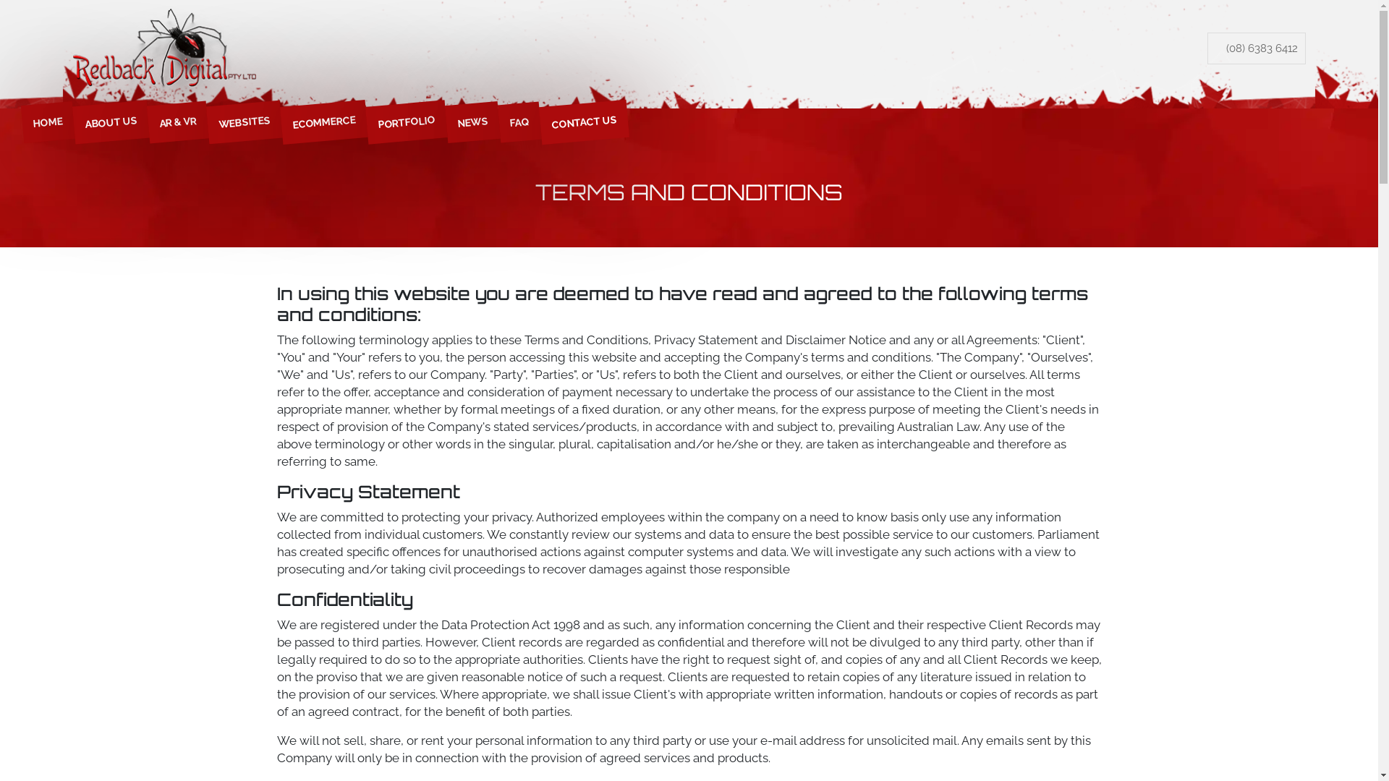  What do you see at coordinates (518, 119) in the screenshot?
I see `'FAQ'` at bounding box center [518, 119].